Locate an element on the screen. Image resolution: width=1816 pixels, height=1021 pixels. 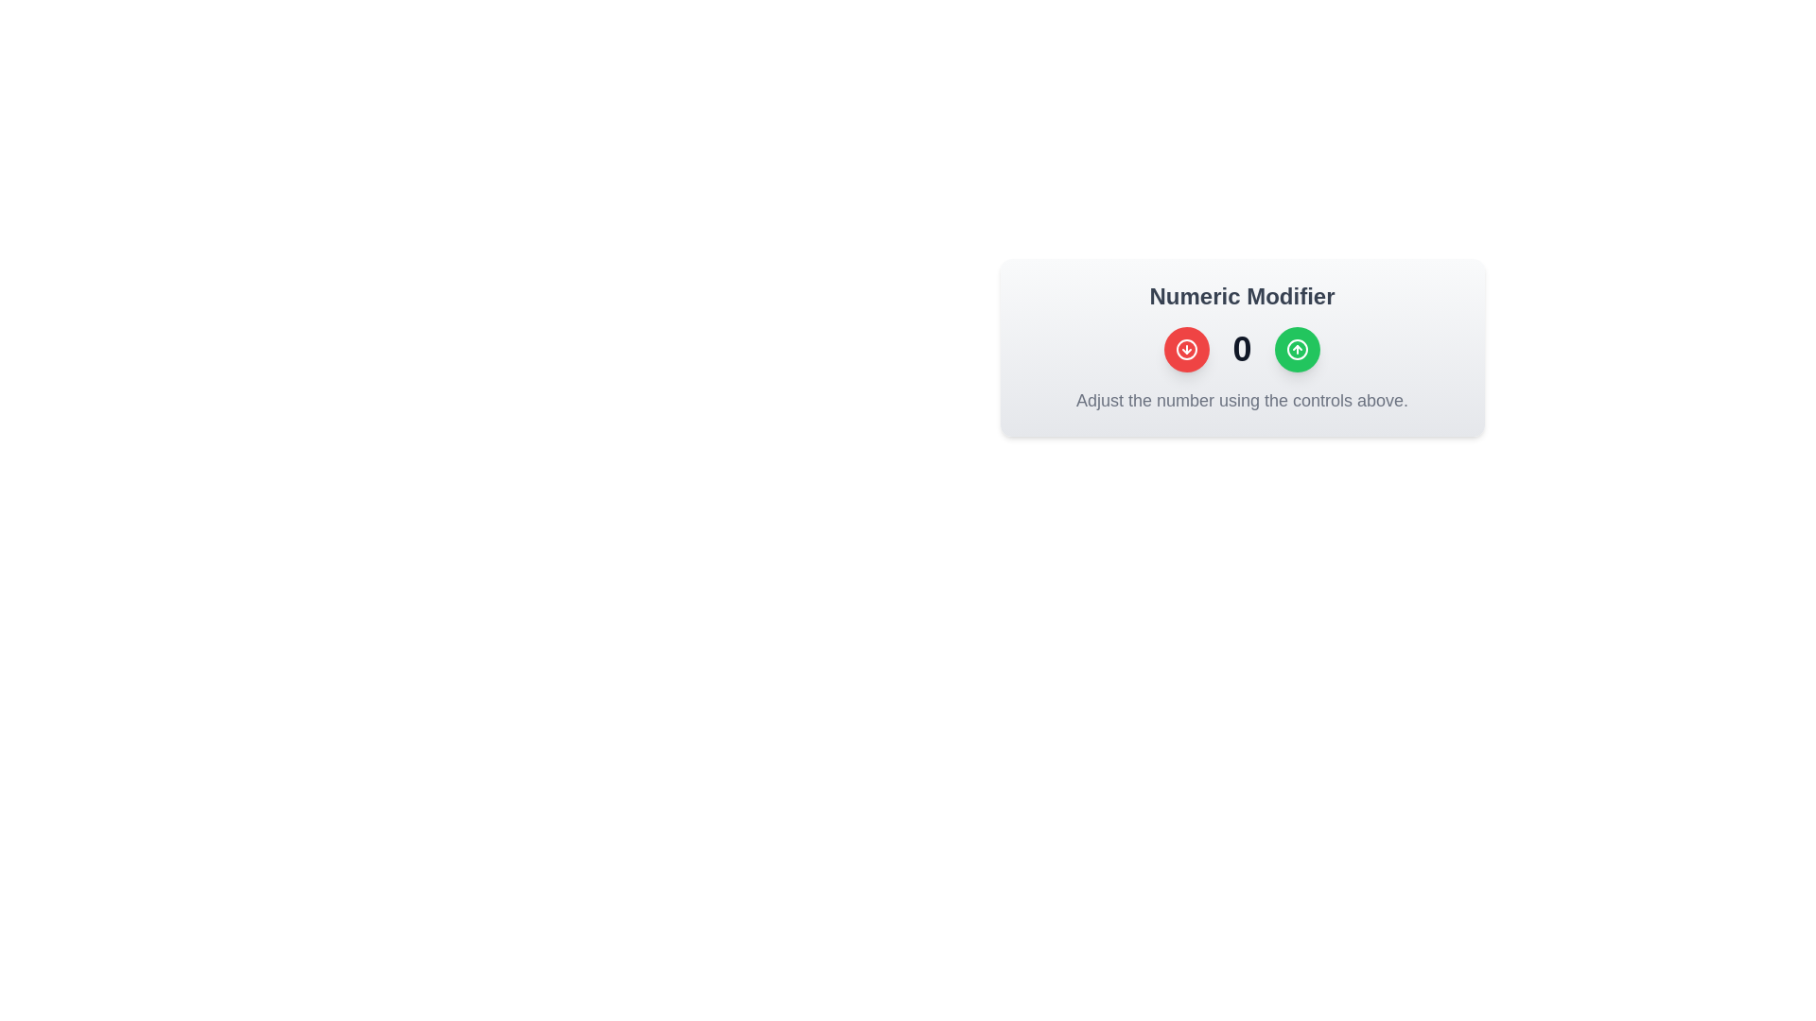
the SVG circle element that represents an upward-pointing arrow within the numeric modifier interface, located near the green confirmation button is located at coordinates (1296, 350).